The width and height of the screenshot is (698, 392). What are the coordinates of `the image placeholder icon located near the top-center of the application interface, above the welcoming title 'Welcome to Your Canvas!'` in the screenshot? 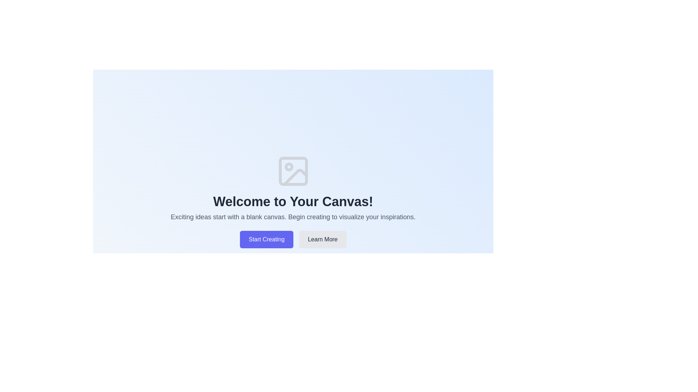 It's located at (293, 171).